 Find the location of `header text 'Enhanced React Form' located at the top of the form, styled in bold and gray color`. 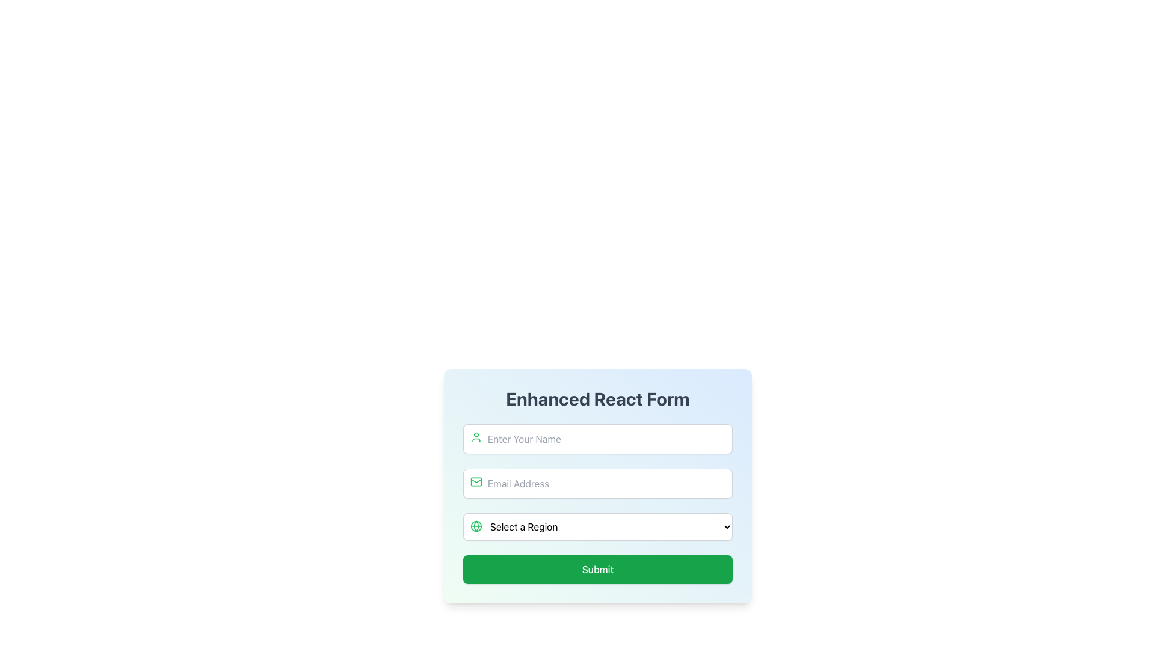

header text 'Enhanced React Form' located at the top of the form, styled in bold and gray color is located at coordinates (597, 398).